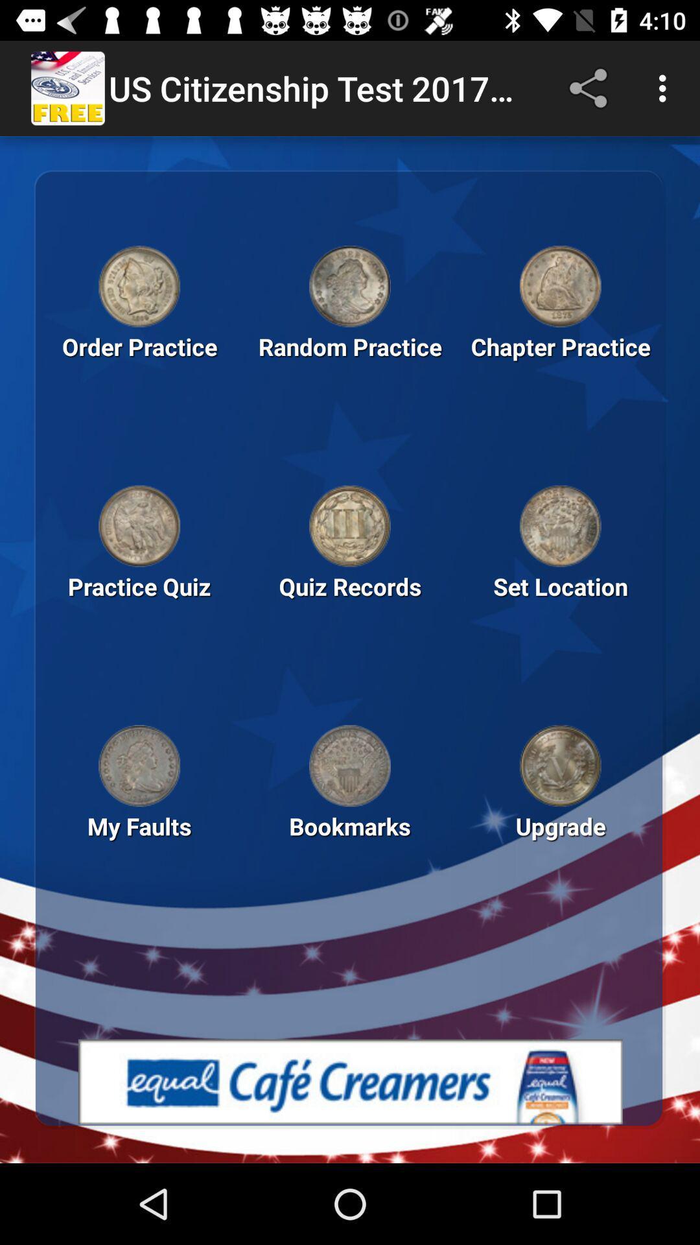 The image size is (700, 1245). What do you see at coordinates (559, 285) in the screenshot?
I see `information` at bounding box center [559, 285].